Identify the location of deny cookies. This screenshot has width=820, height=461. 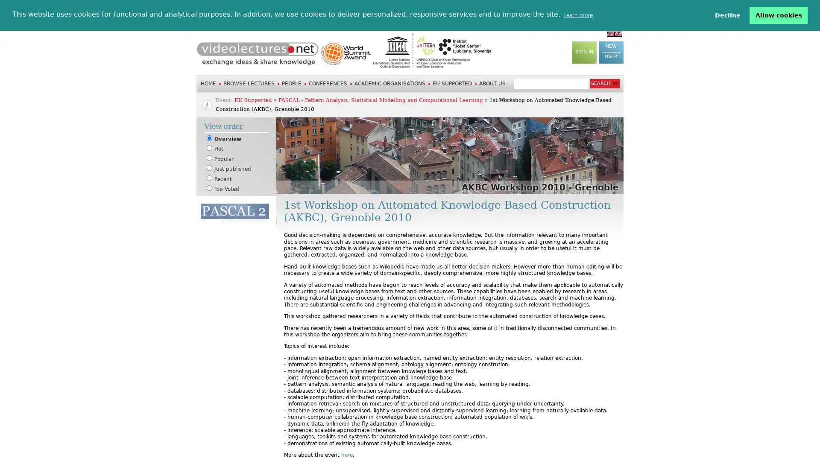
(727, 15).